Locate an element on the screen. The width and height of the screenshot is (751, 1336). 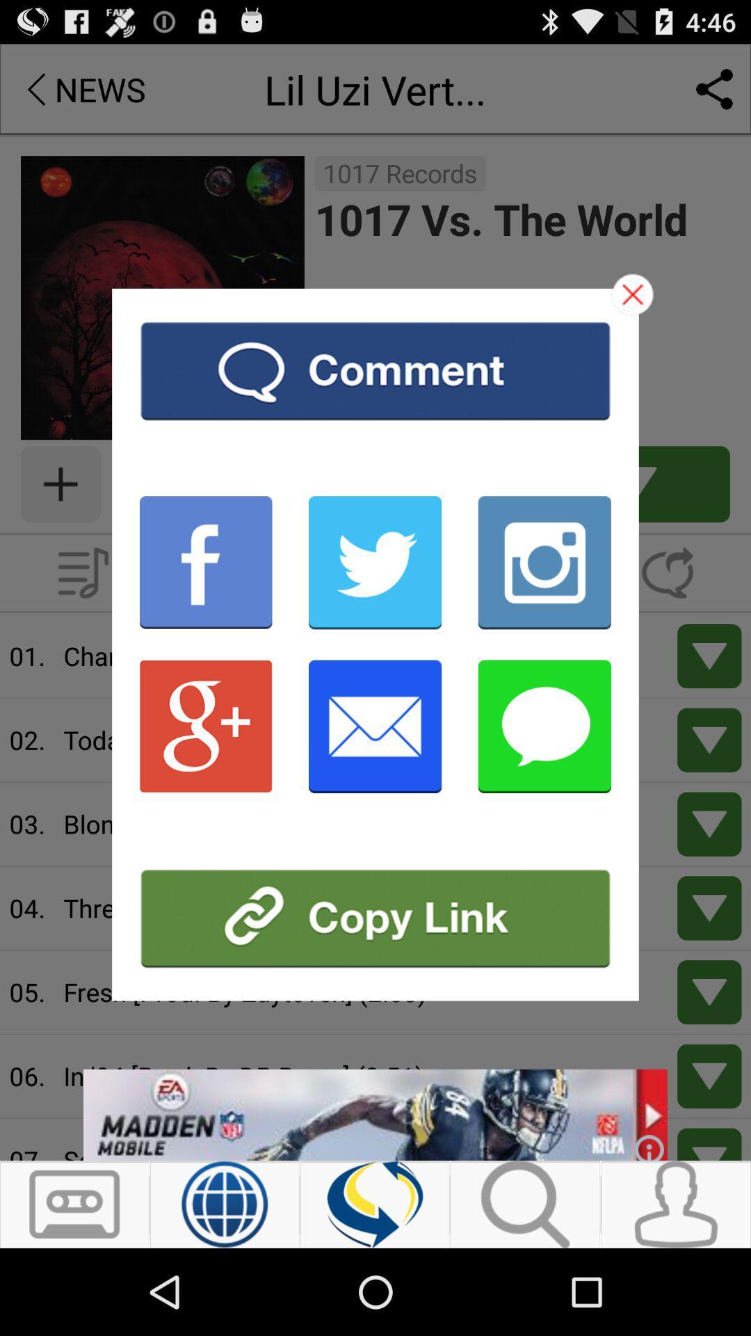
message is located at coordinates (544, 725).